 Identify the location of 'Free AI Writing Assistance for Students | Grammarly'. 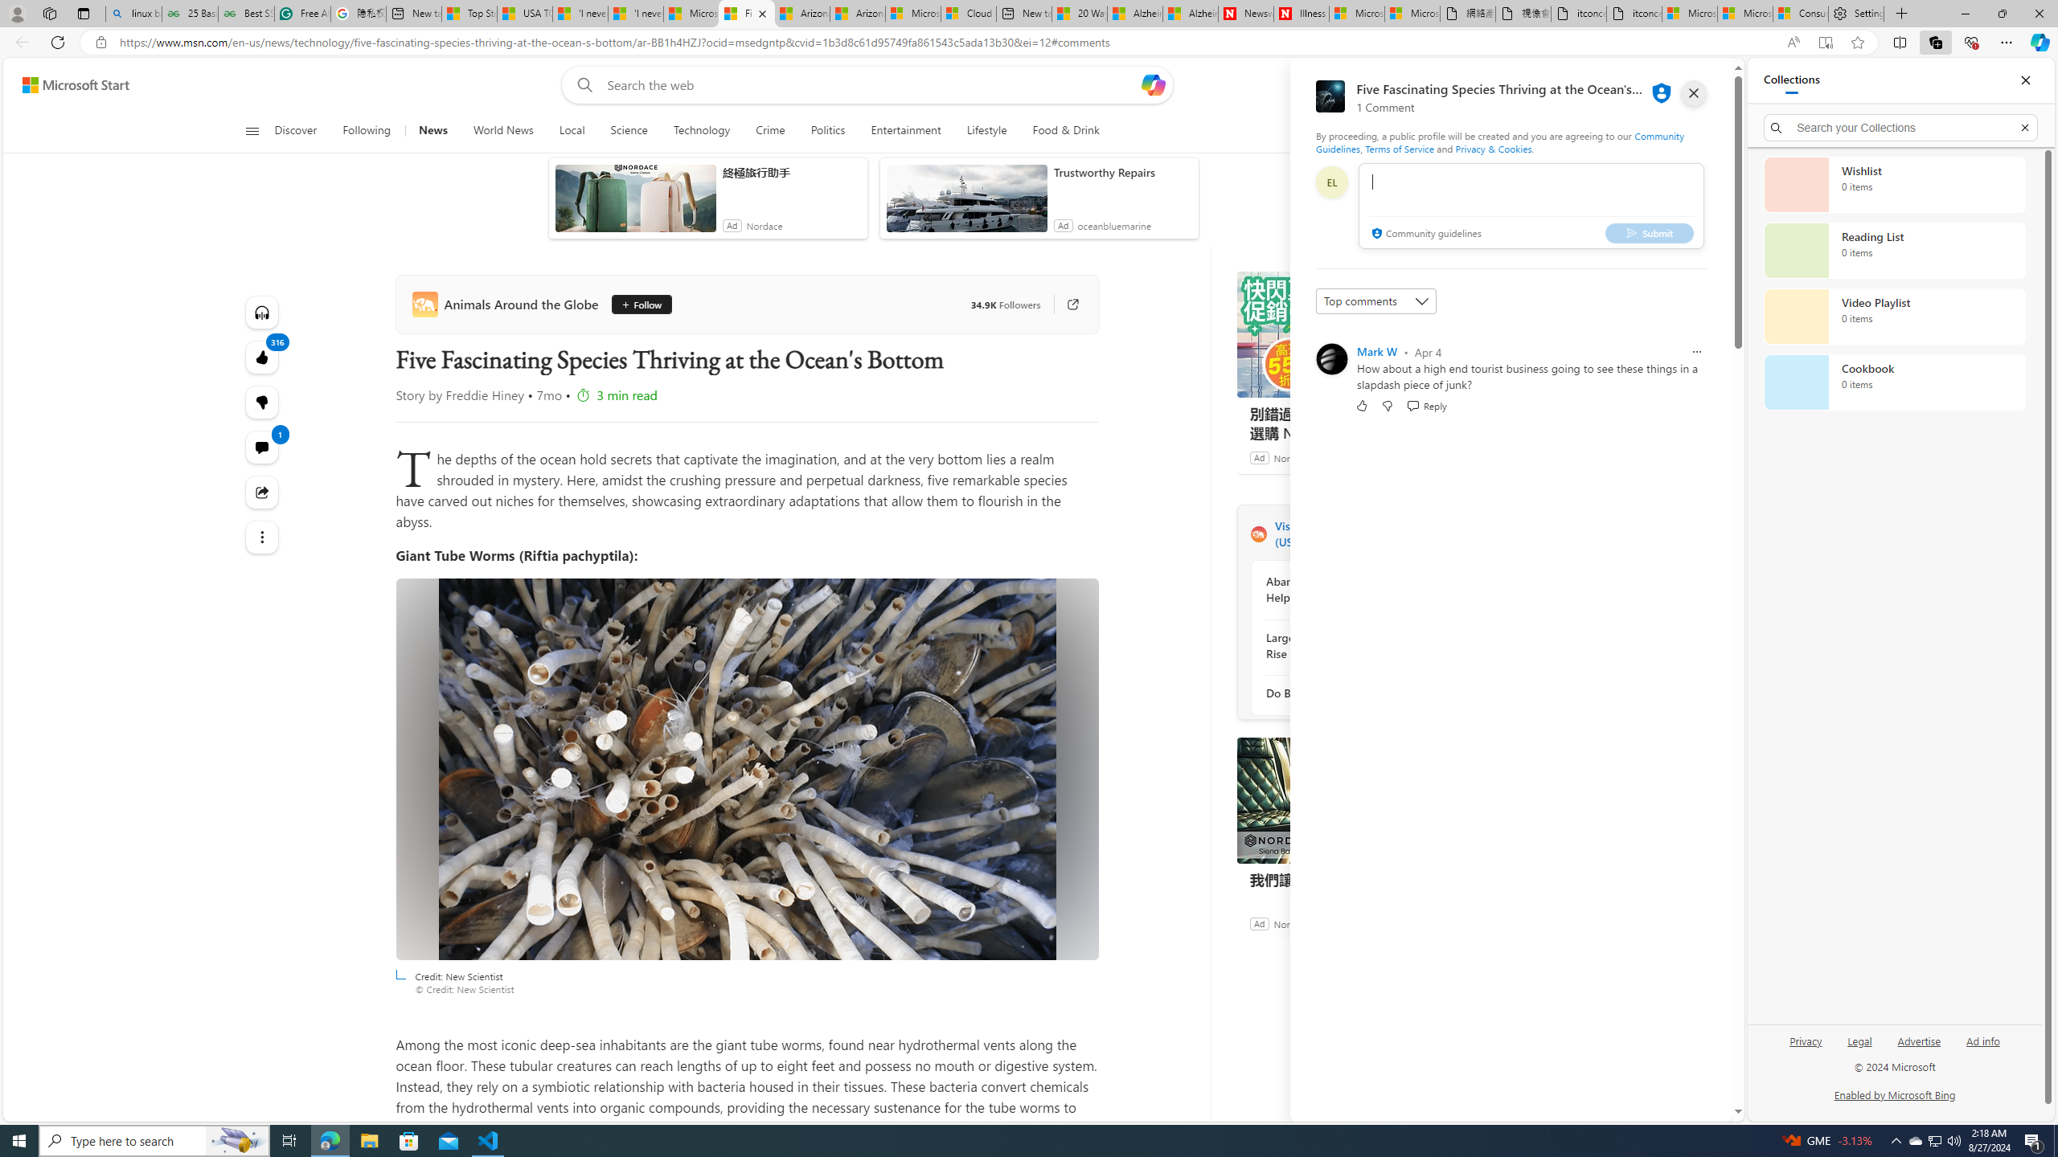
(301, 13).